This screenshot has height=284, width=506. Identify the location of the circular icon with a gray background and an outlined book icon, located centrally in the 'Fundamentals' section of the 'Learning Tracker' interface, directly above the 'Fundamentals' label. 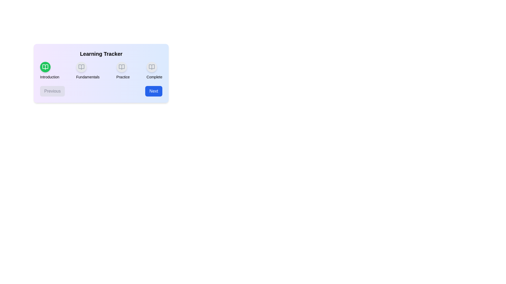
(81, 67).